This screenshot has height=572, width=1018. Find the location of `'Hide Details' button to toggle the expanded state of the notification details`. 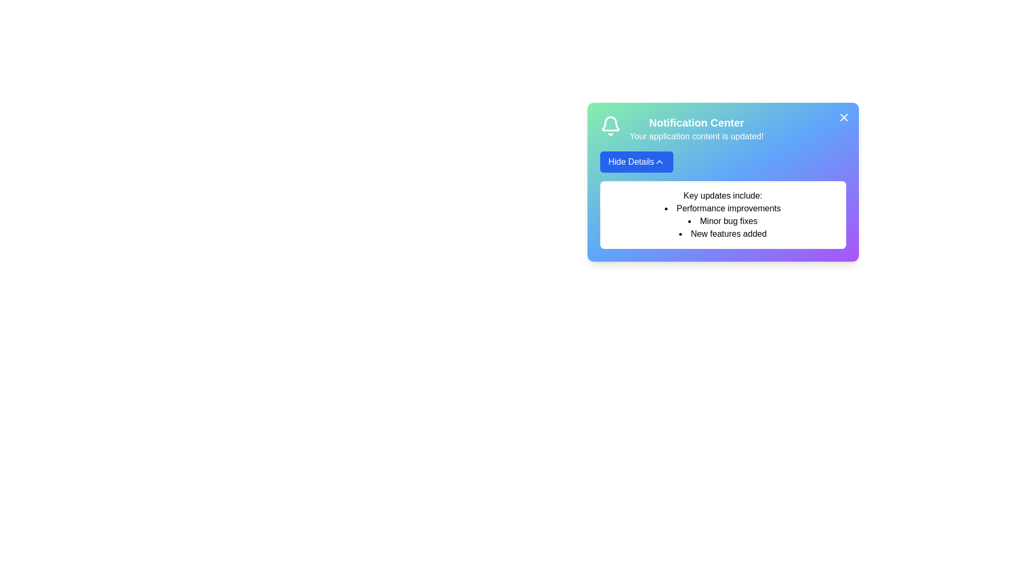

'Hide Details' button to toggle the expanded state of the notification details is located at coordinates (636, 162).